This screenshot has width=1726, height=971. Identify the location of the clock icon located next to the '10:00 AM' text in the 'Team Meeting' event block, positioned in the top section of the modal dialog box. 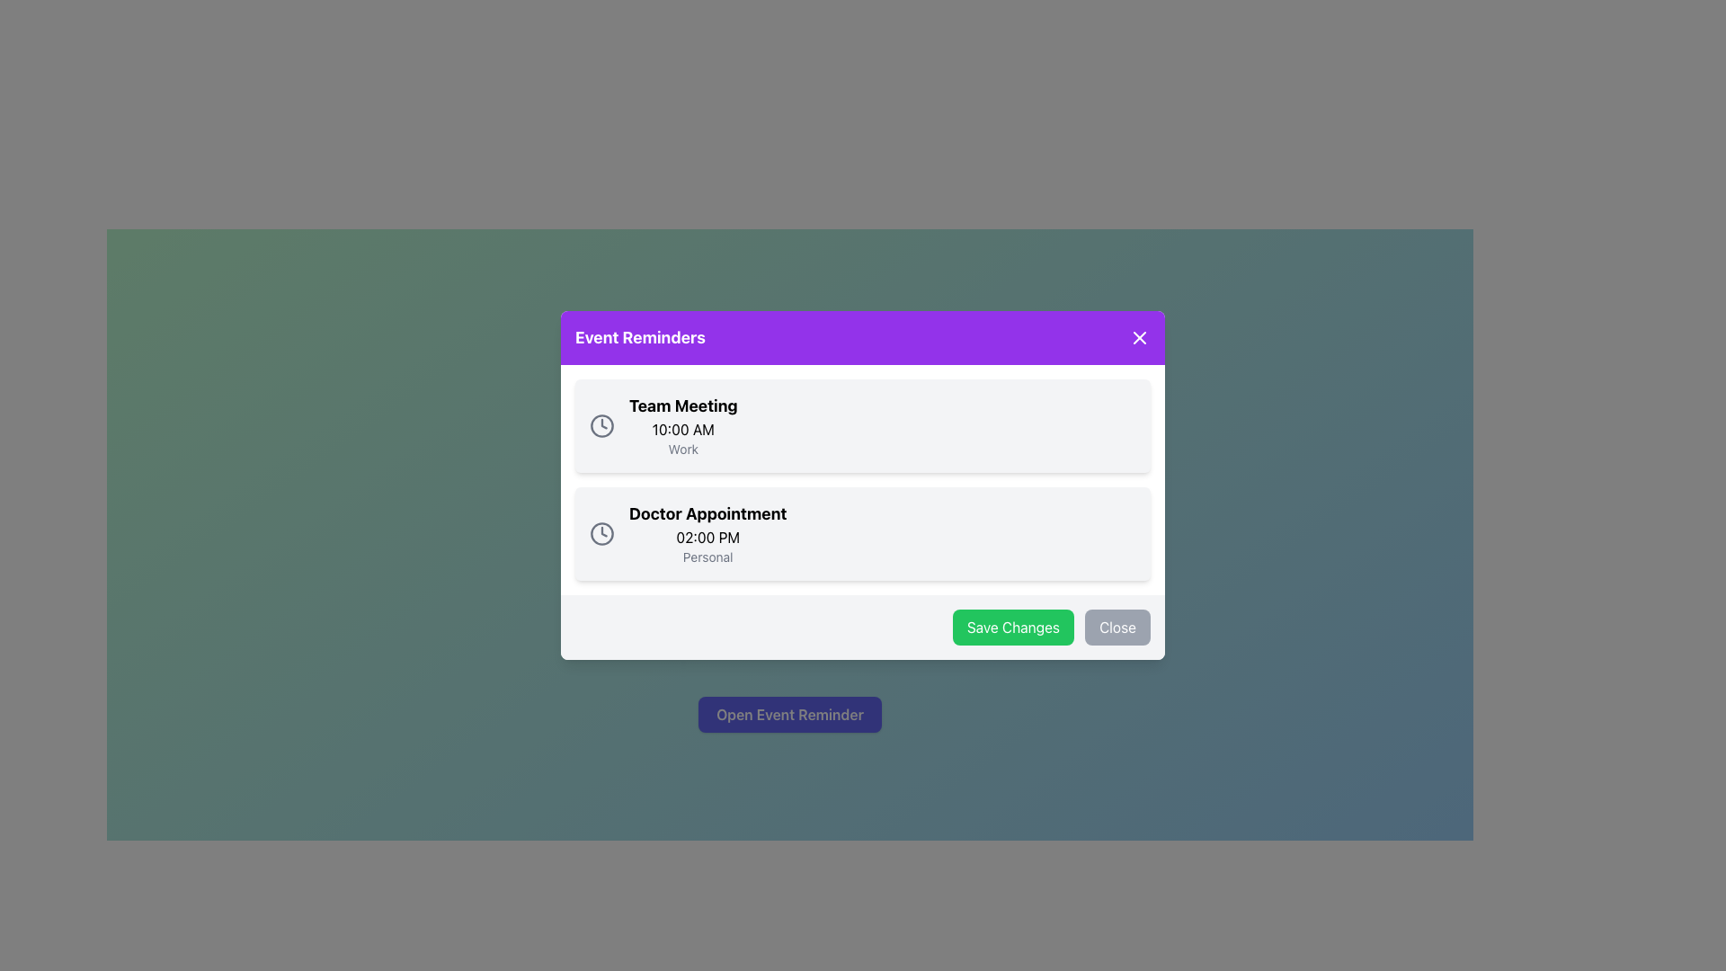
(602, 426).